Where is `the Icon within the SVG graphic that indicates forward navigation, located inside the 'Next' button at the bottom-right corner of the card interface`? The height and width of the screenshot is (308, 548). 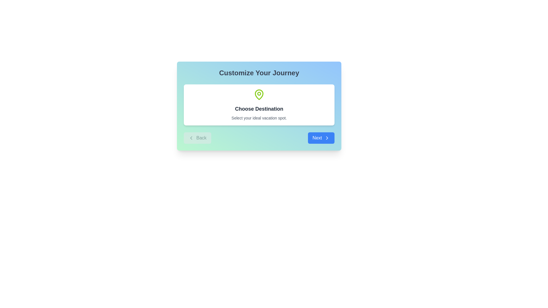 the Icon within the SVG graphic that indicates forward navigation, located inside the 'Next' button at the bottom-right corner of the card interface is located at coordinates (327, 138).